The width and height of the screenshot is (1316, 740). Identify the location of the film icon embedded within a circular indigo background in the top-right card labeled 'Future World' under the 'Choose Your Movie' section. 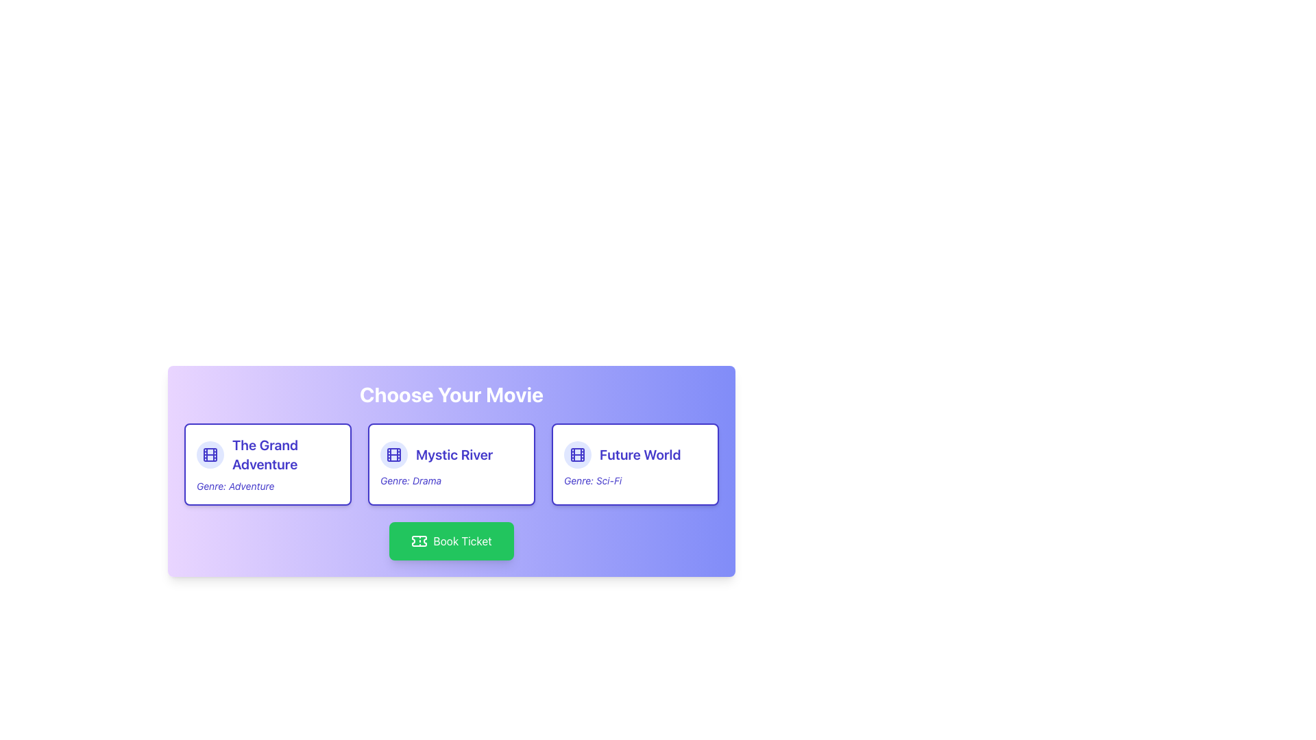
(578, 454).